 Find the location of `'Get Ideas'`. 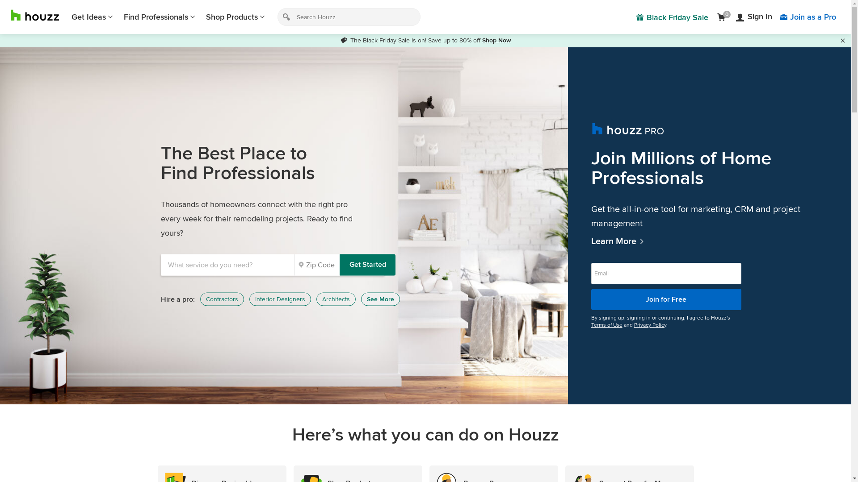

'Get Ideas' is located at coordinates (66, 17).